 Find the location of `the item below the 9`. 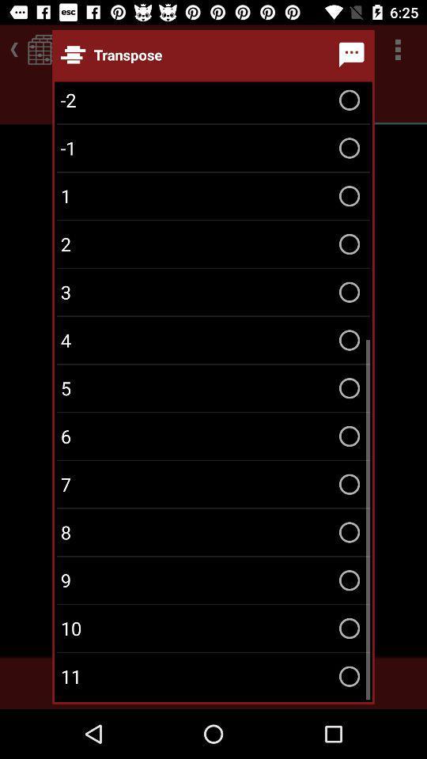

the item below the 9 is located at coordinates (213, 628).